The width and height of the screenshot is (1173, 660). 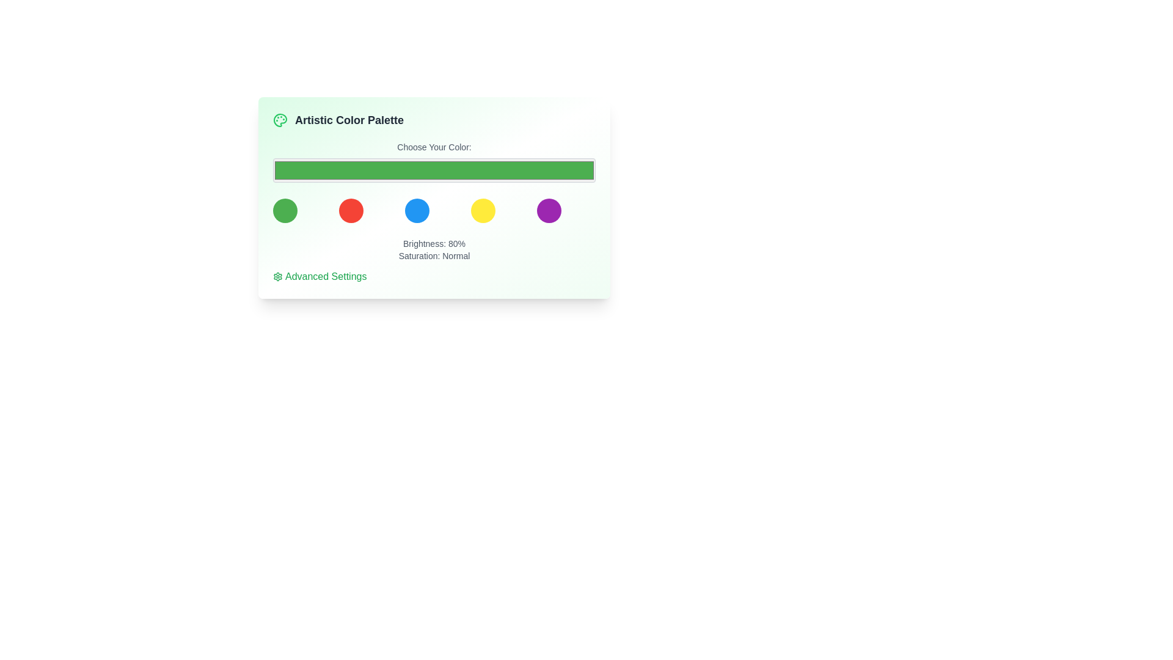 I want to click on the Text Label displaying 'Brightness: 80%', positioned above 'Saturation: Normal' within the 'Artistic Color Palette' section, so click(x=434, y=243).